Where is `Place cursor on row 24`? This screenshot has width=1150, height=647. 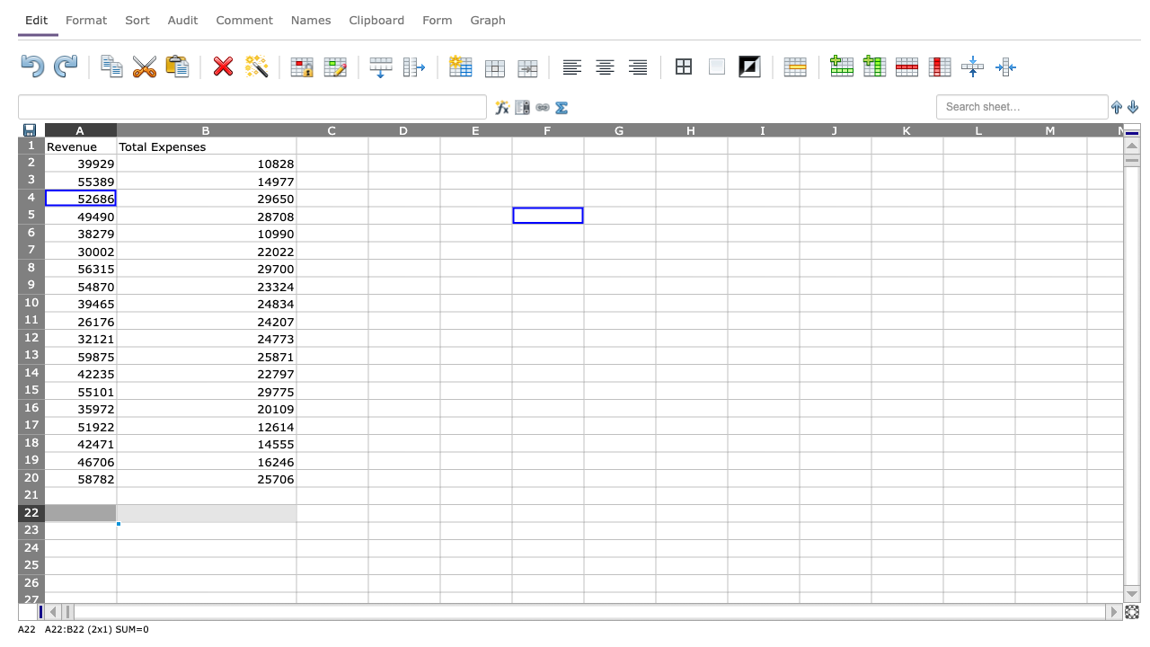 Place cursor on row 24 is located at coordinates (31, 547).